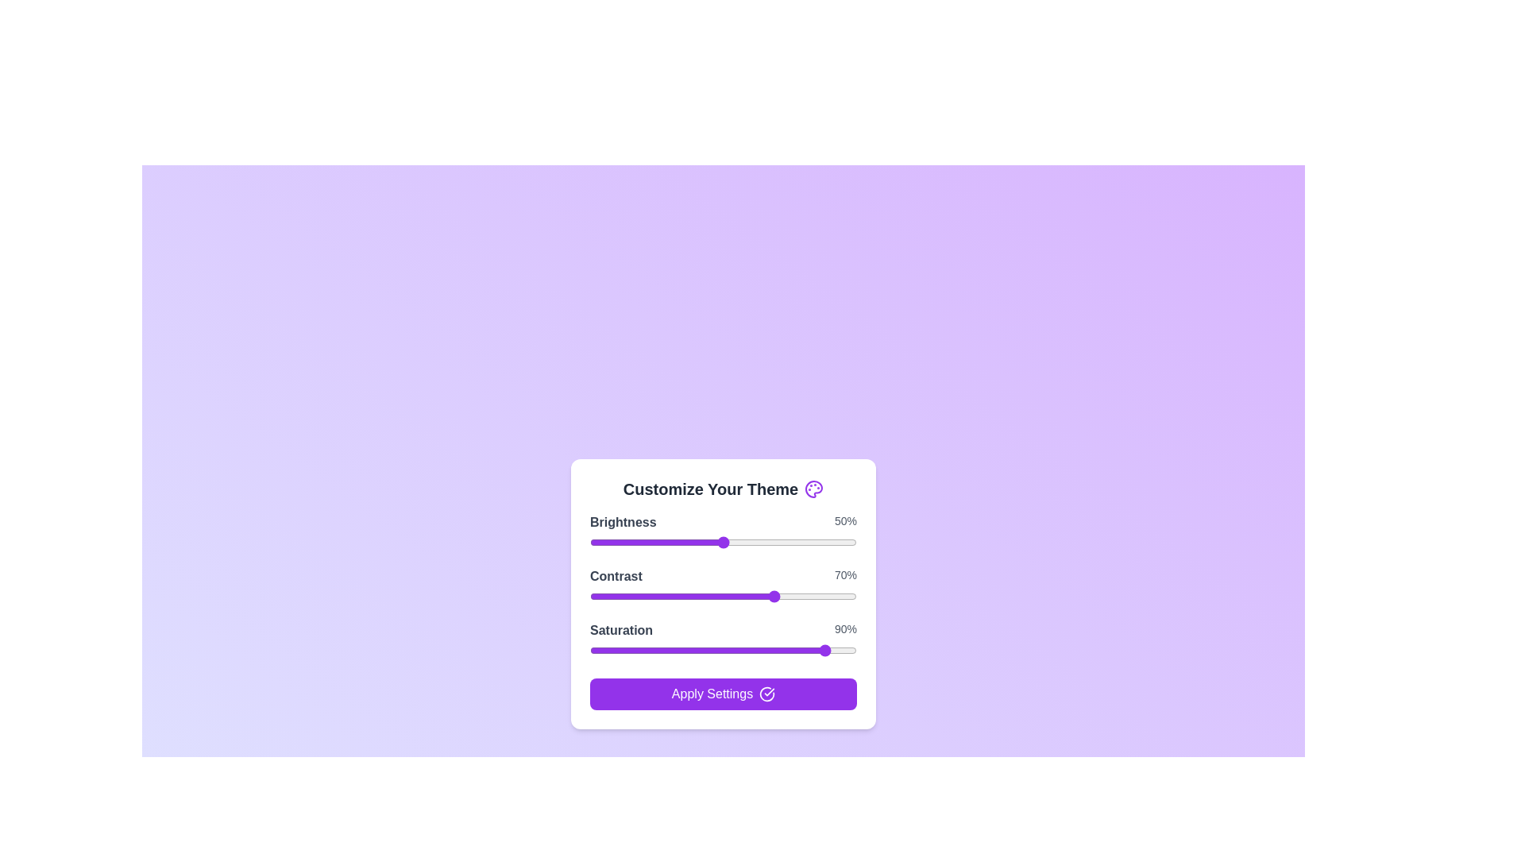  Describe the element at coordinates (801, 541) in the screenshot. I see `the brightness slider to 79%` at that location.